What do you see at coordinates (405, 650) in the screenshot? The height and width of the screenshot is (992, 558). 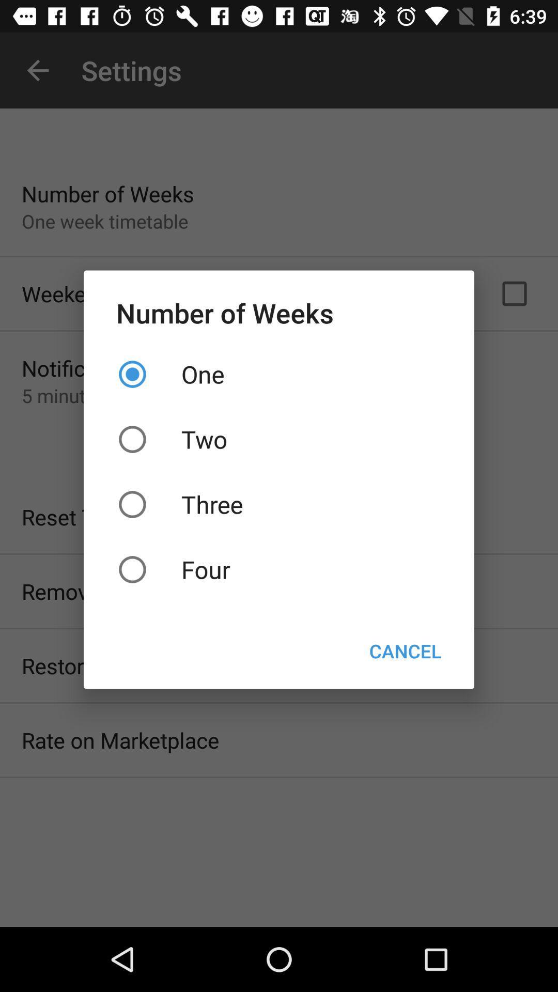 I see `button on the right` at bounding box center [405, 650].